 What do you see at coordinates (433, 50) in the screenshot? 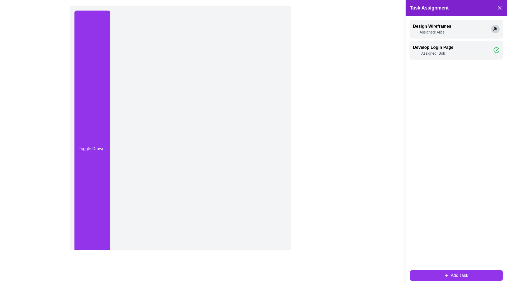
I see `the Text display component that shows 'Develop Login Page' and 'Assigned: Bob' within the right-hand sidebar labeled 'Task Assignment'` at bounding box center [433, 50].